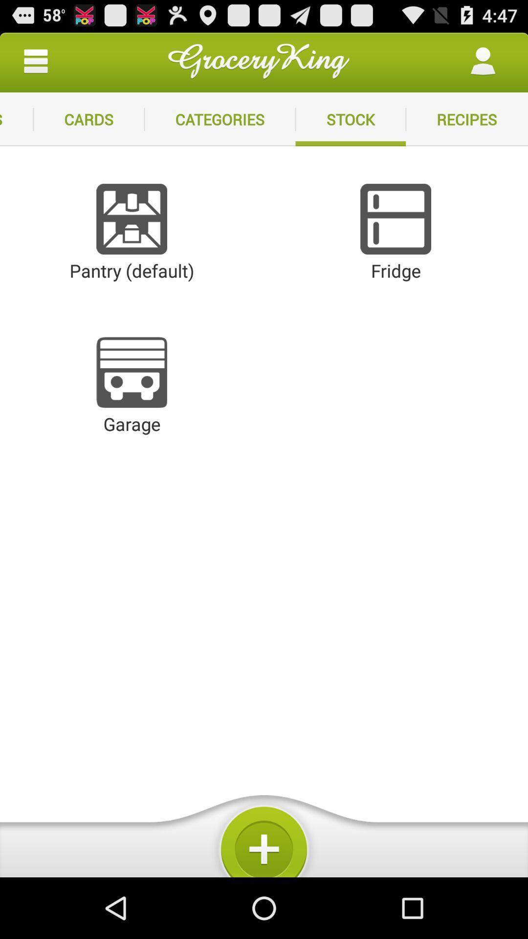  I want to click on item to the right of stock icon, so click(466, 119).